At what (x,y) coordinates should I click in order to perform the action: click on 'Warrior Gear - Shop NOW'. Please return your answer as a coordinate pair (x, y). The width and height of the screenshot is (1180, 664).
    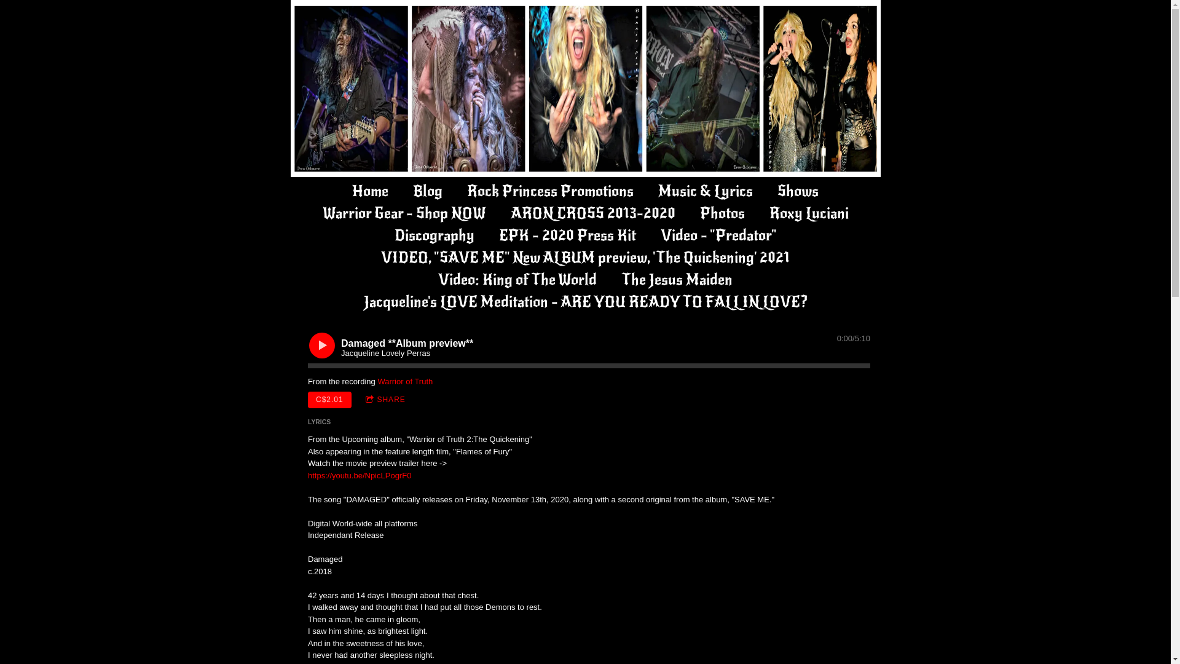
    Looking at the image, I should click on (404, 213).